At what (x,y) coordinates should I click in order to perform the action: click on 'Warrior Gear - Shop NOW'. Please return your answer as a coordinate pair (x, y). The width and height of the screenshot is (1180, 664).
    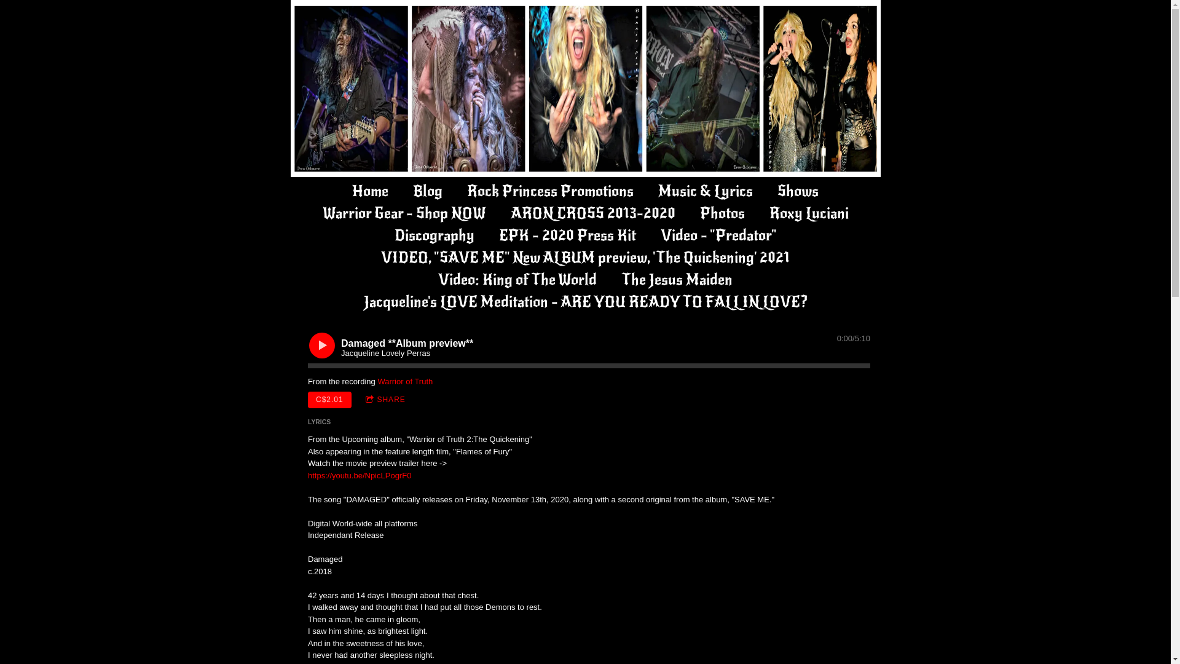
    Looking at the image, I should click on (404, 213).